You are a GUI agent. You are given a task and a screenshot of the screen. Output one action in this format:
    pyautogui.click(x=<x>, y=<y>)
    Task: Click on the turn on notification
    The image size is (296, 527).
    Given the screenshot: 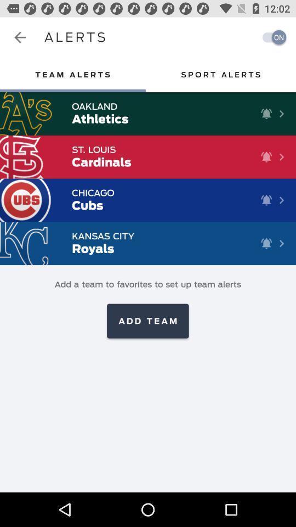 What is the action you would take?
    pyautogui.click(x=271, y=37)
    